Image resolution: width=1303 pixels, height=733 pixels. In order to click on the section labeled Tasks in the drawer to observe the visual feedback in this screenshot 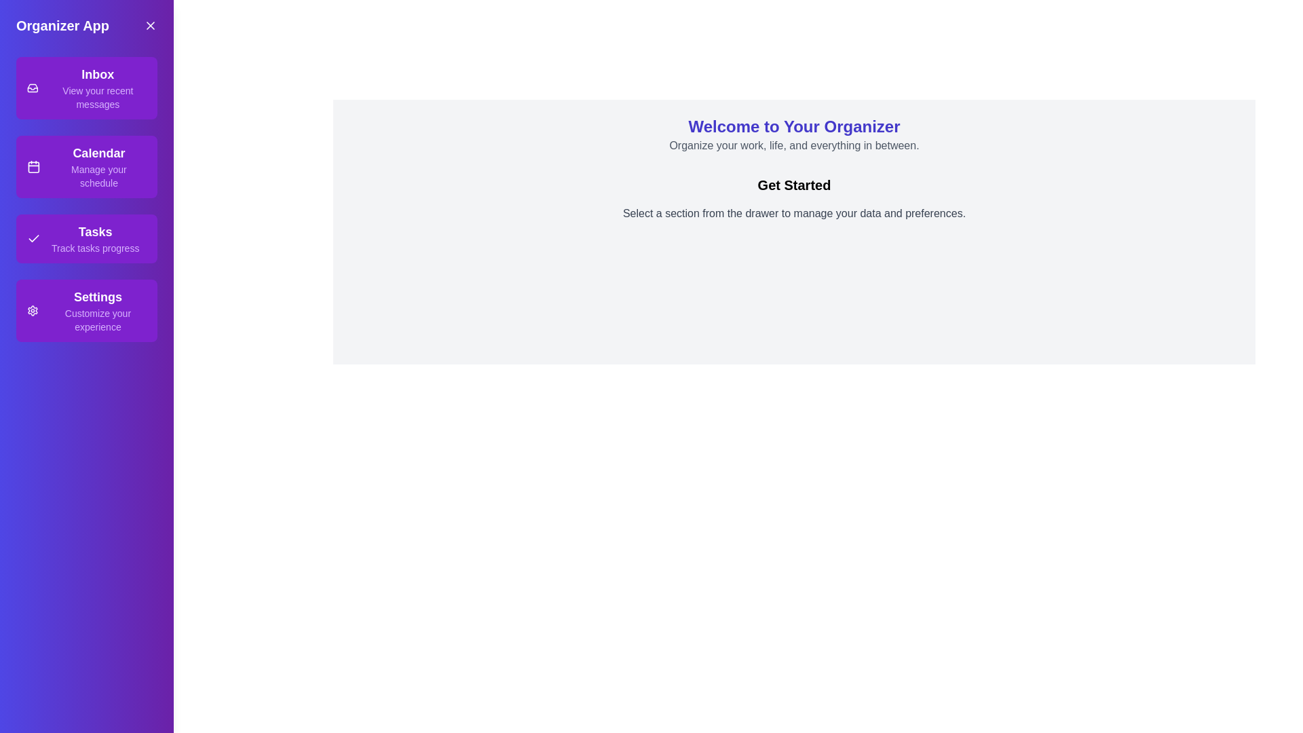, I will do `click(86, 238)`.